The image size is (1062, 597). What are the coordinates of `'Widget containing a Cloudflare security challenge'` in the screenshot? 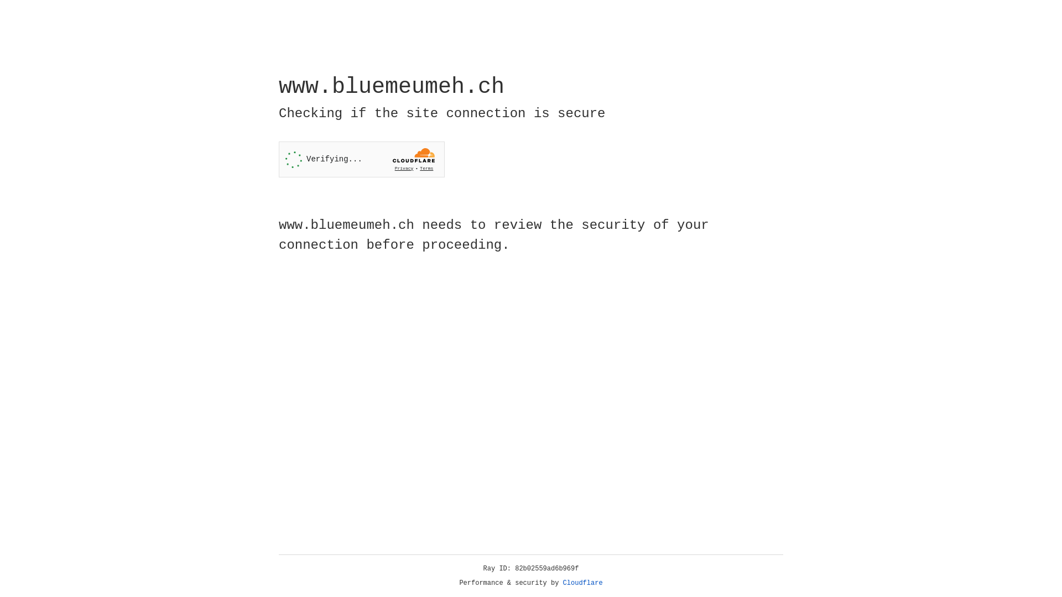 It's located at (361, 159).